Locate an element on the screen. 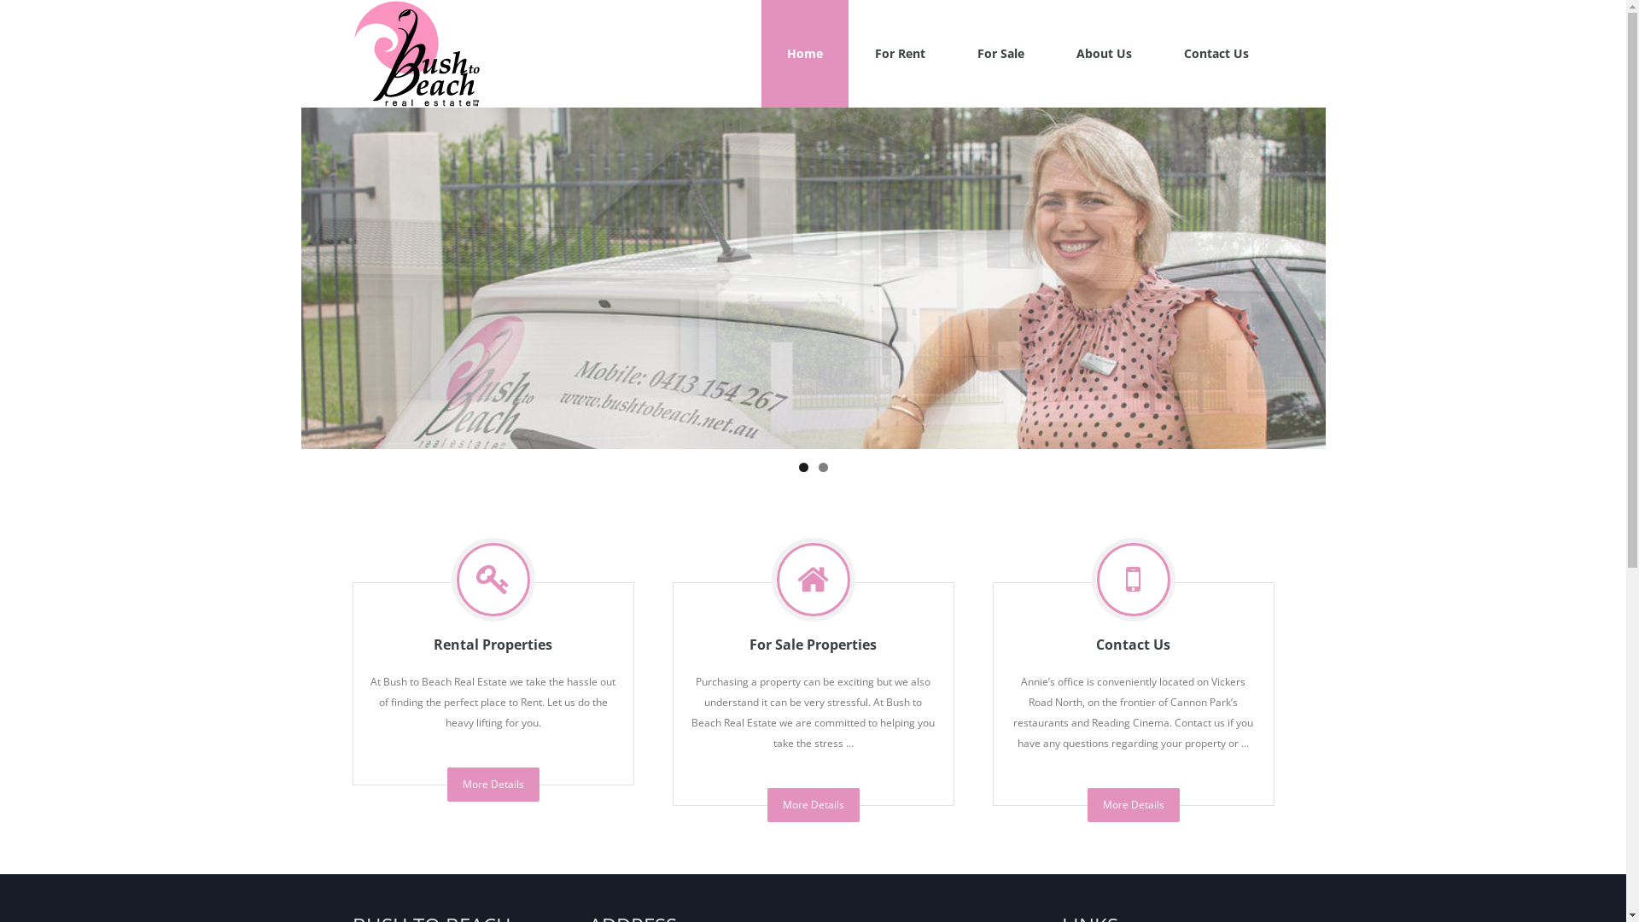  'For Sale' is located at coordinates (1000, 52).